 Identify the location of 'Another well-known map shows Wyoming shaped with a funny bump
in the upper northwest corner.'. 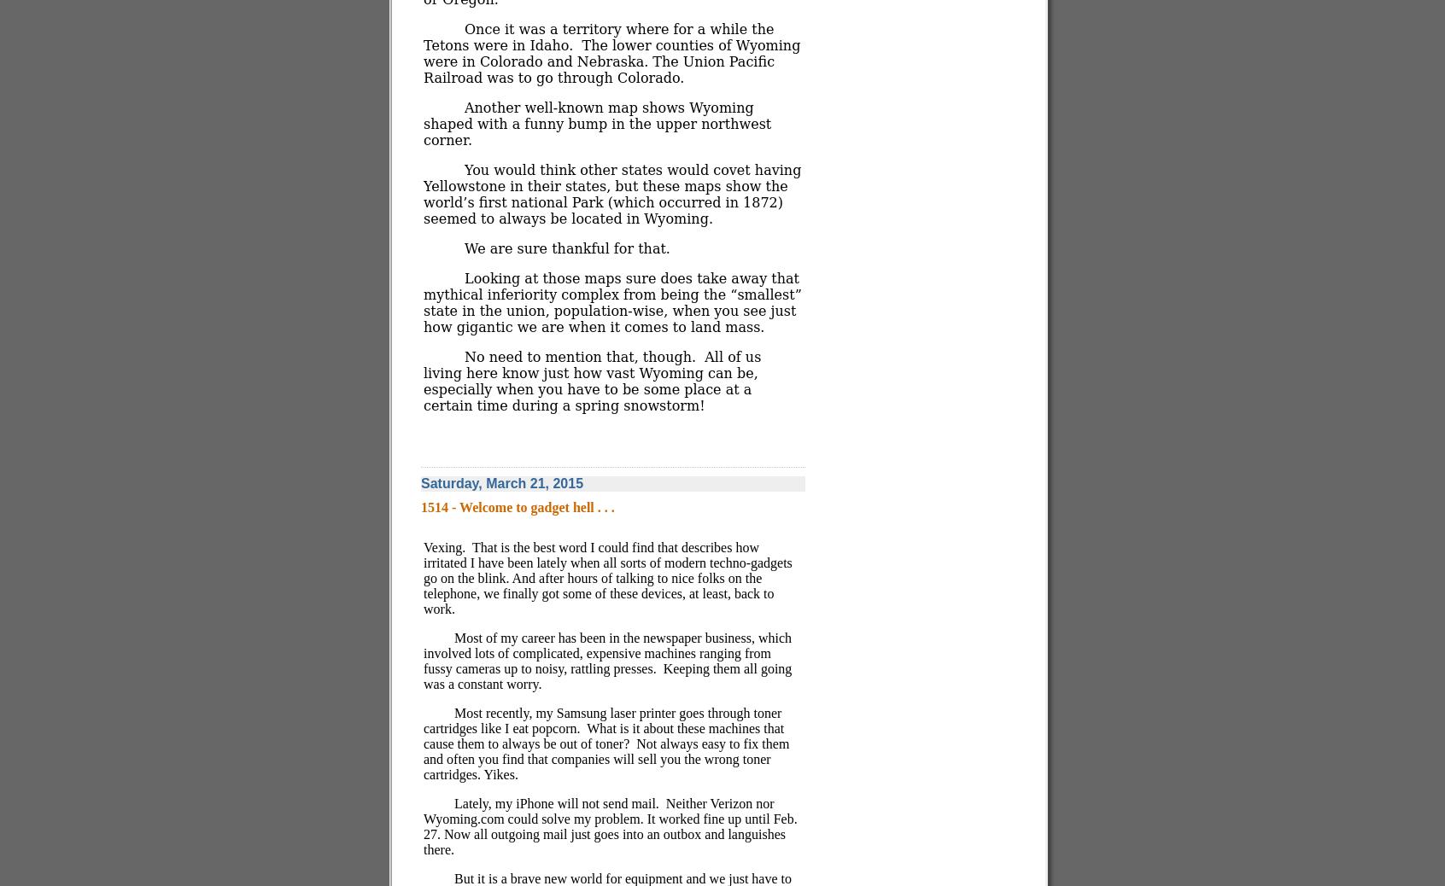
(423, 123).